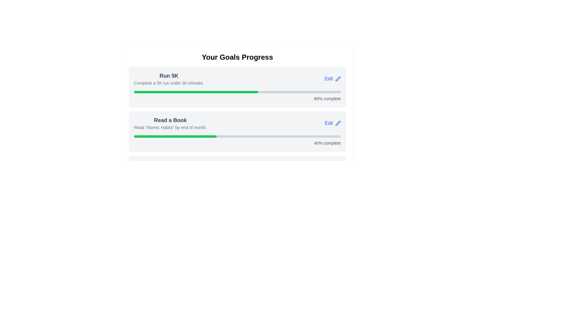 This screenshot has width=577, height=324. What do you see at coordinates (170, 120) in the screenshot?
I see `the heading text element that summarizes the content about reading a book` at bounding box center [170, 120].